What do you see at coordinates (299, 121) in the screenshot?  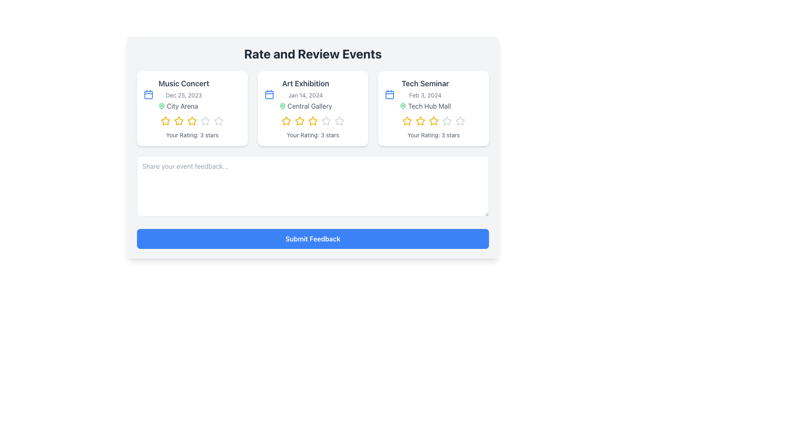 I see `the third star icon to rate the 'Art Exhibition' event` at bounding box center [299, 121].